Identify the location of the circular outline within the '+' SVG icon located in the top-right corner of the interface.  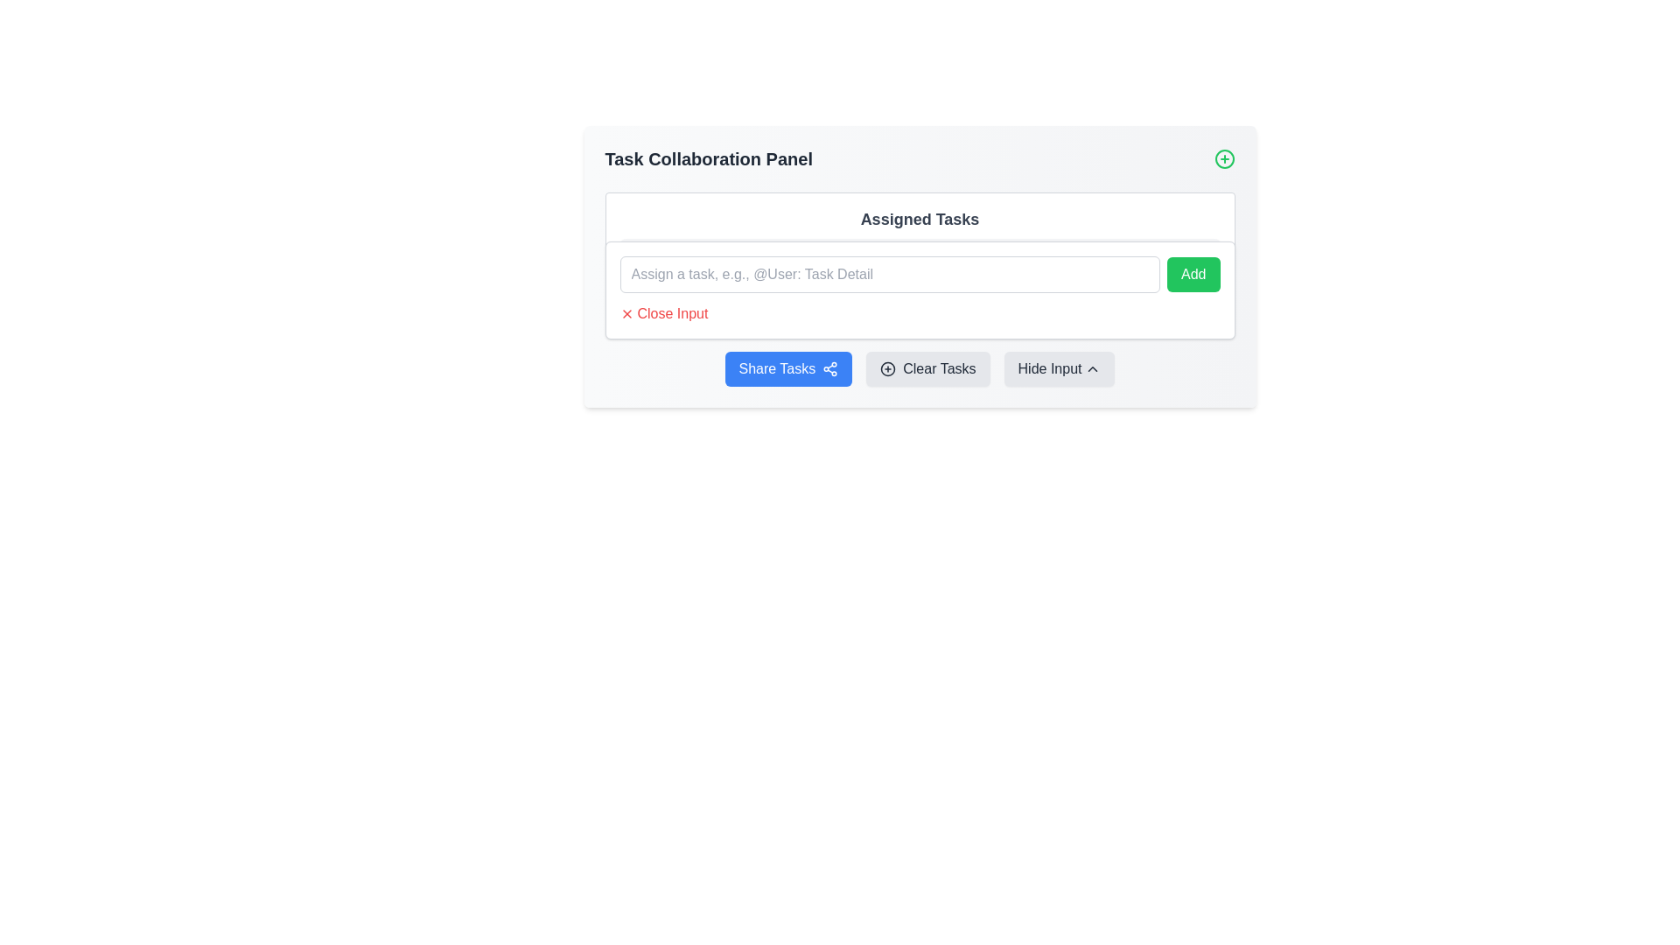
(1223, 158).